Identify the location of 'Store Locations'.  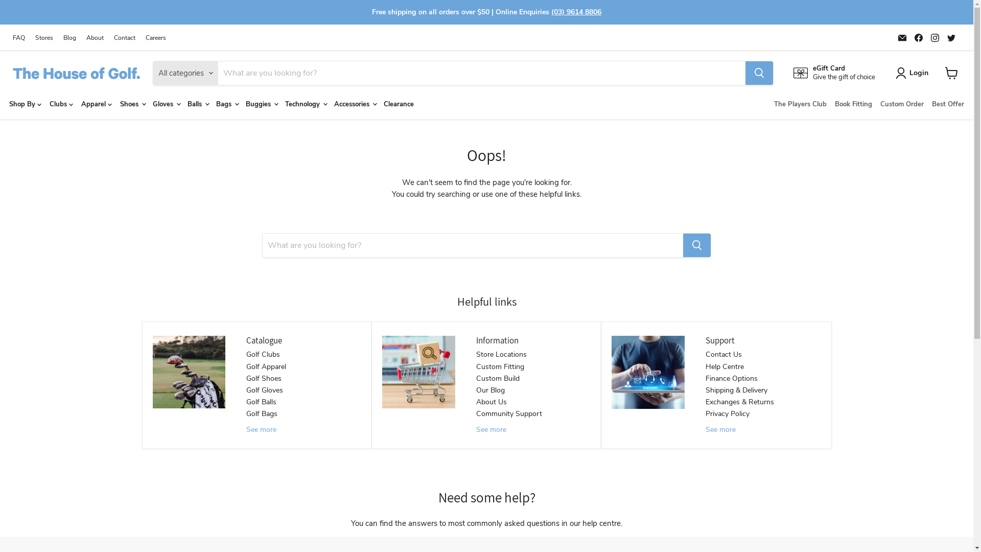
(501, 354).